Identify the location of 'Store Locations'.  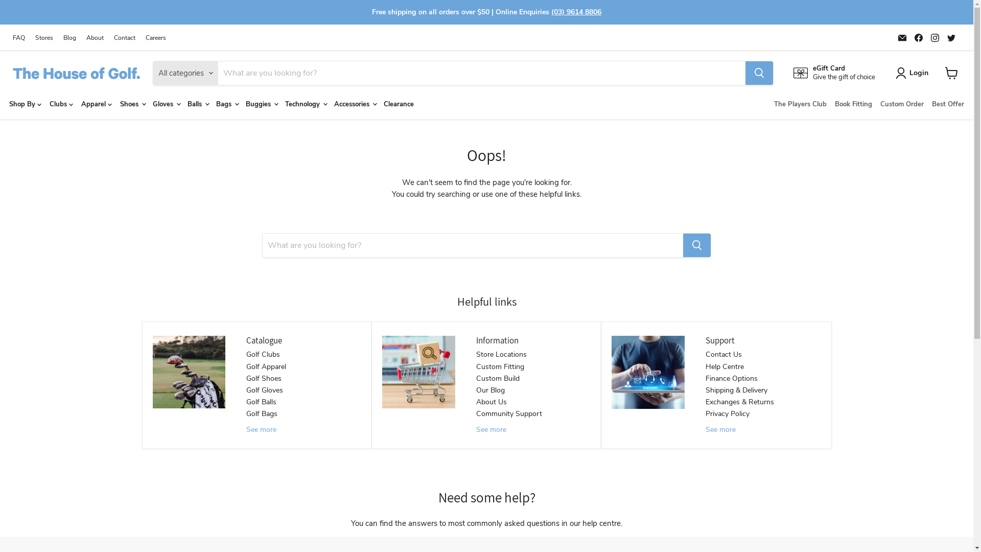
(501, 354).